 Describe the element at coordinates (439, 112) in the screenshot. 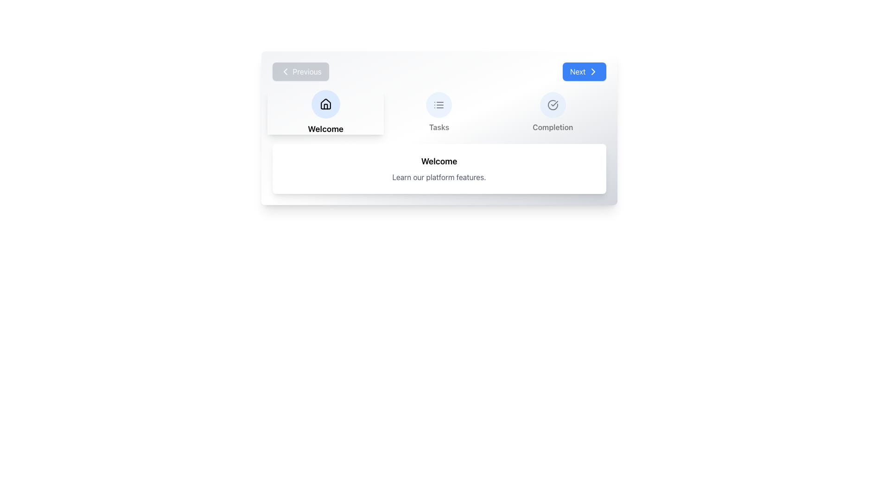

I see `the 'Tasks' navigation tile, which is the second column in a three-column layout` at that location.